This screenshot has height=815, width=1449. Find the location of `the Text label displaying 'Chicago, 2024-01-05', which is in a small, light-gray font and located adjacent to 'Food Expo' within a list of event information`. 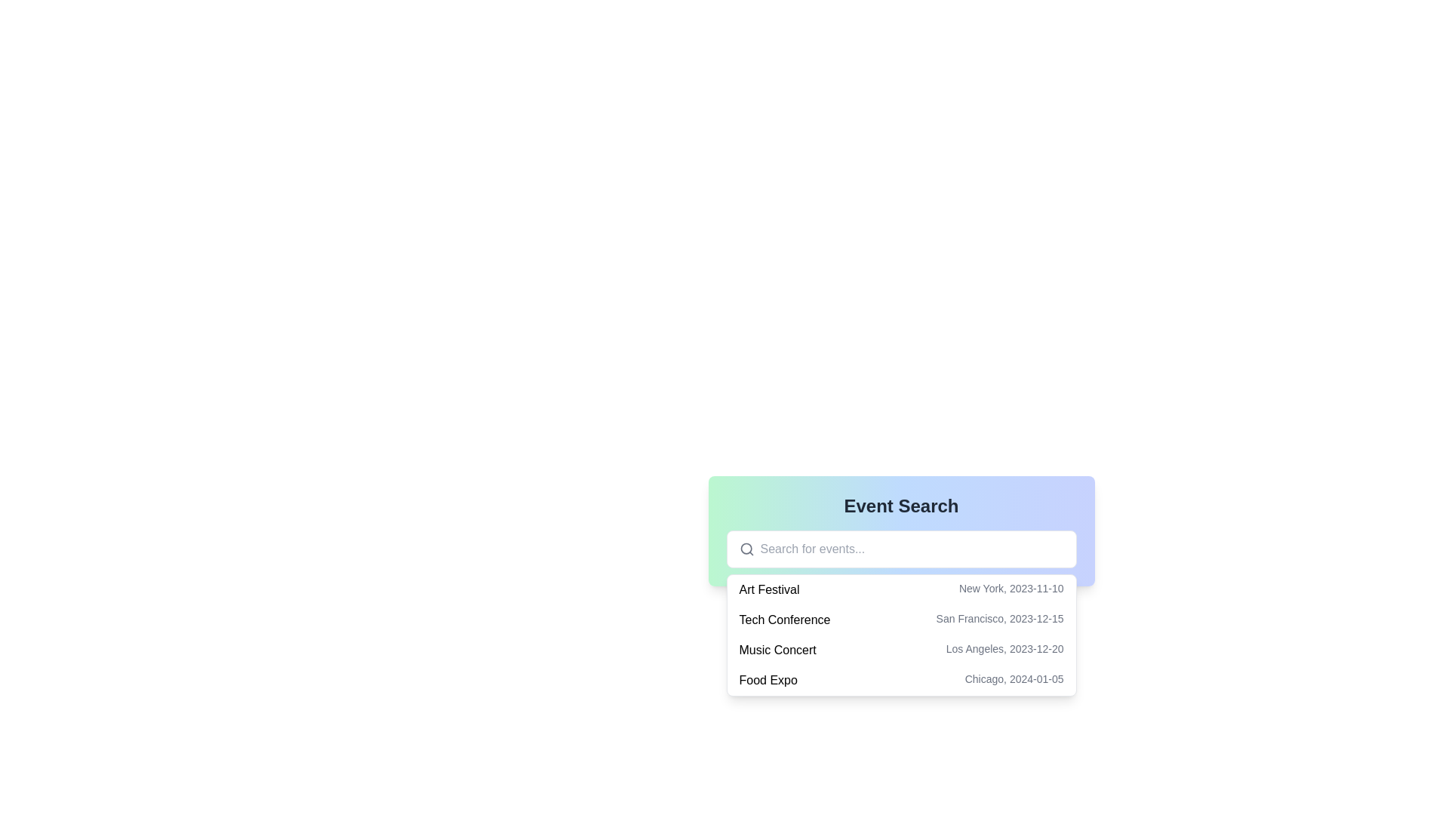

the Text label displaying 'Chicago, 2024-01-05', which is in a small, light-gray font and located adjacent to 'Food Expo' within a list of event information is located at coordinates (1014, 681).